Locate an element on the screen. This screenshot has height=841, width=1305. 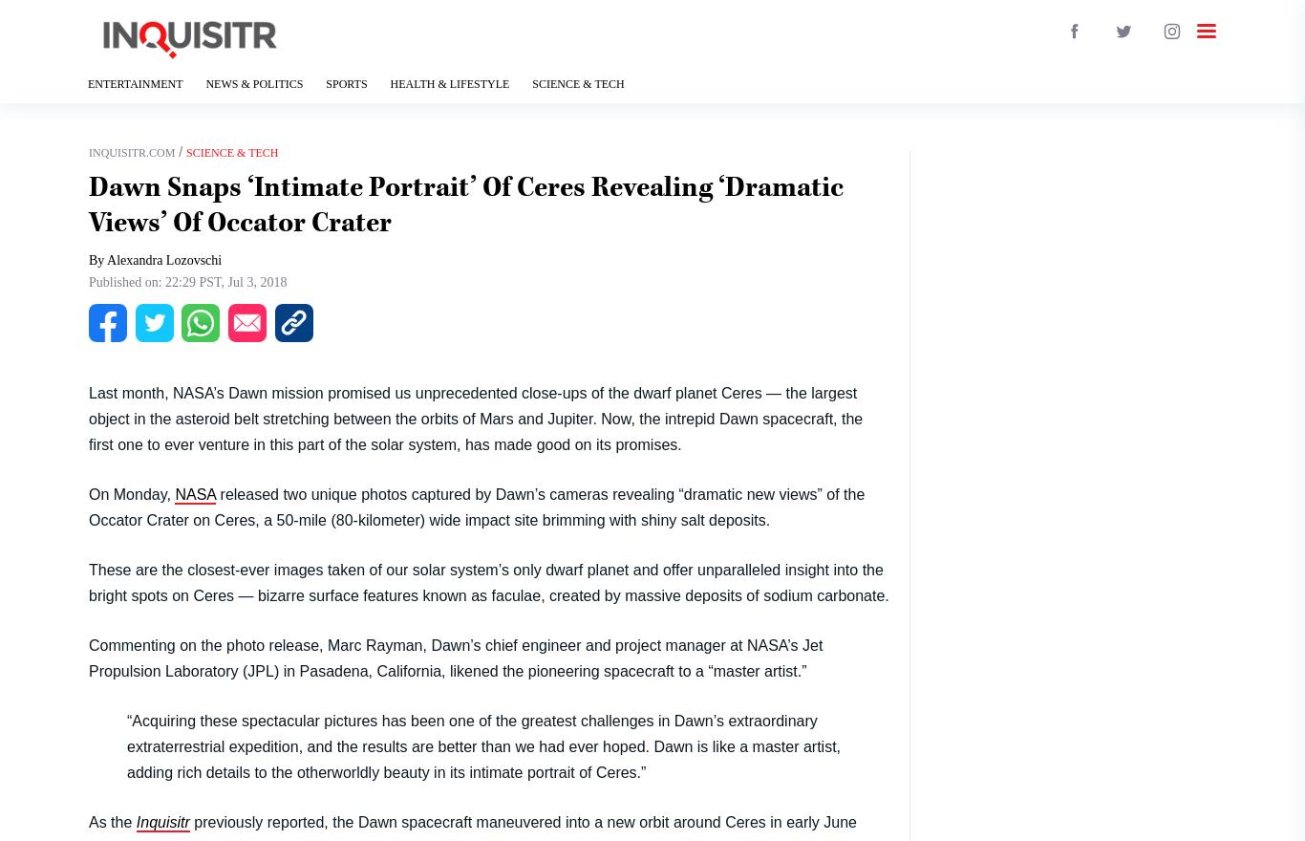
'As the' is located at coordinates (89, 821).